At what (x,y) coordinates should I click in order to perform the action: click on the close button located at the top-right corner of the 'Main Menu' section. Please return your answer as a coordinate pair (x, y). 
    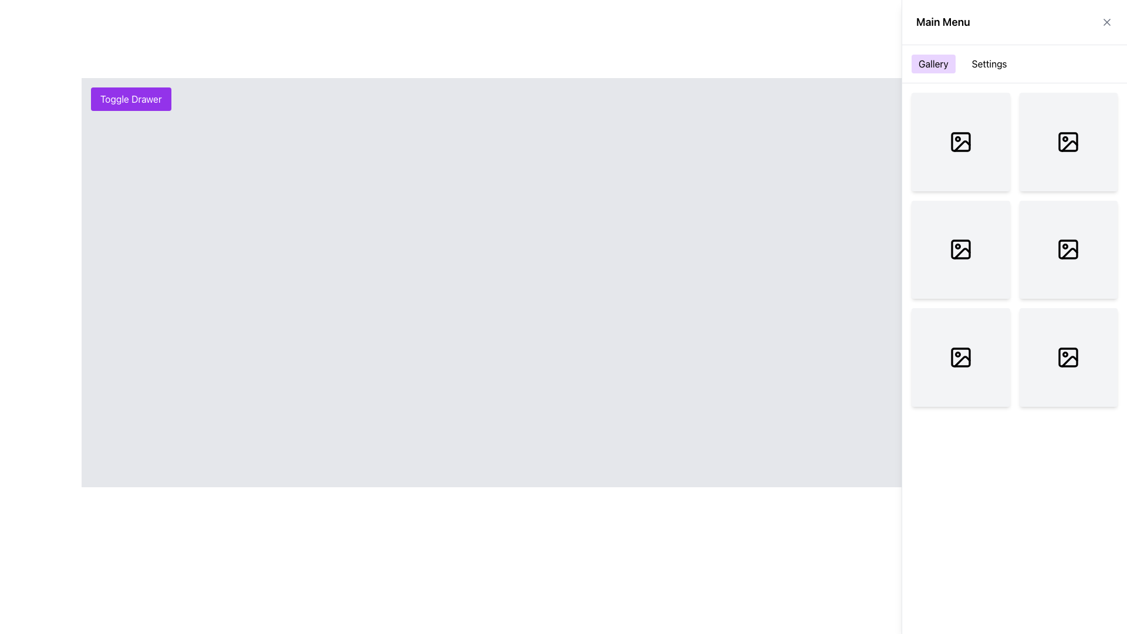
    Looking at the image, I should click on (1106, 22).